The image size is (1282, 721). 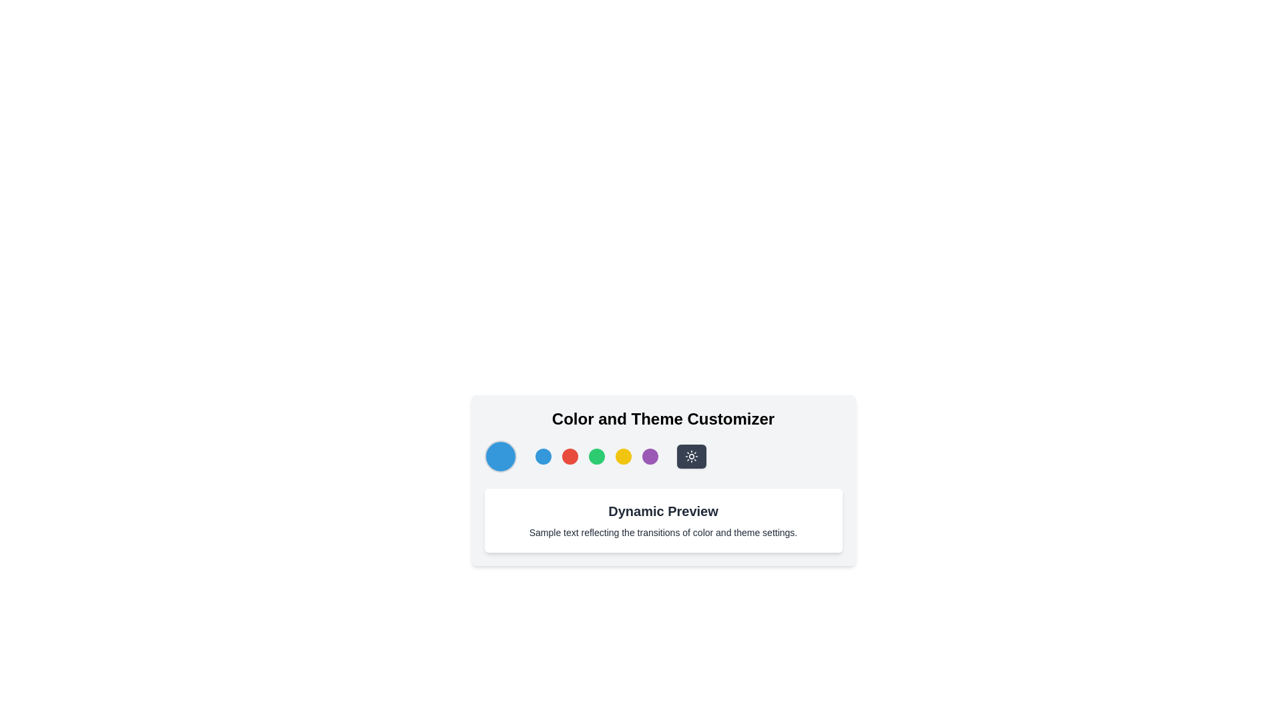 What do you see at coordinates (499, 455) in the screenshot?
I see `the first circular color representation in the 'Color and Theme Customizer' section` at bounding box center [499, 455].